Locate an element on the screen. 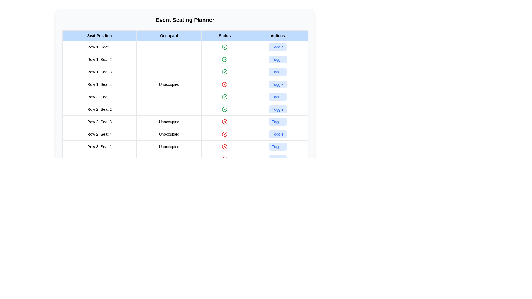 The width and height of the screenshot is (532, 299). the circular red icon with a cross symbol in the third column of 'Row 2, Seat 4', which indicates a negative status is located at coordinates (225, 134).